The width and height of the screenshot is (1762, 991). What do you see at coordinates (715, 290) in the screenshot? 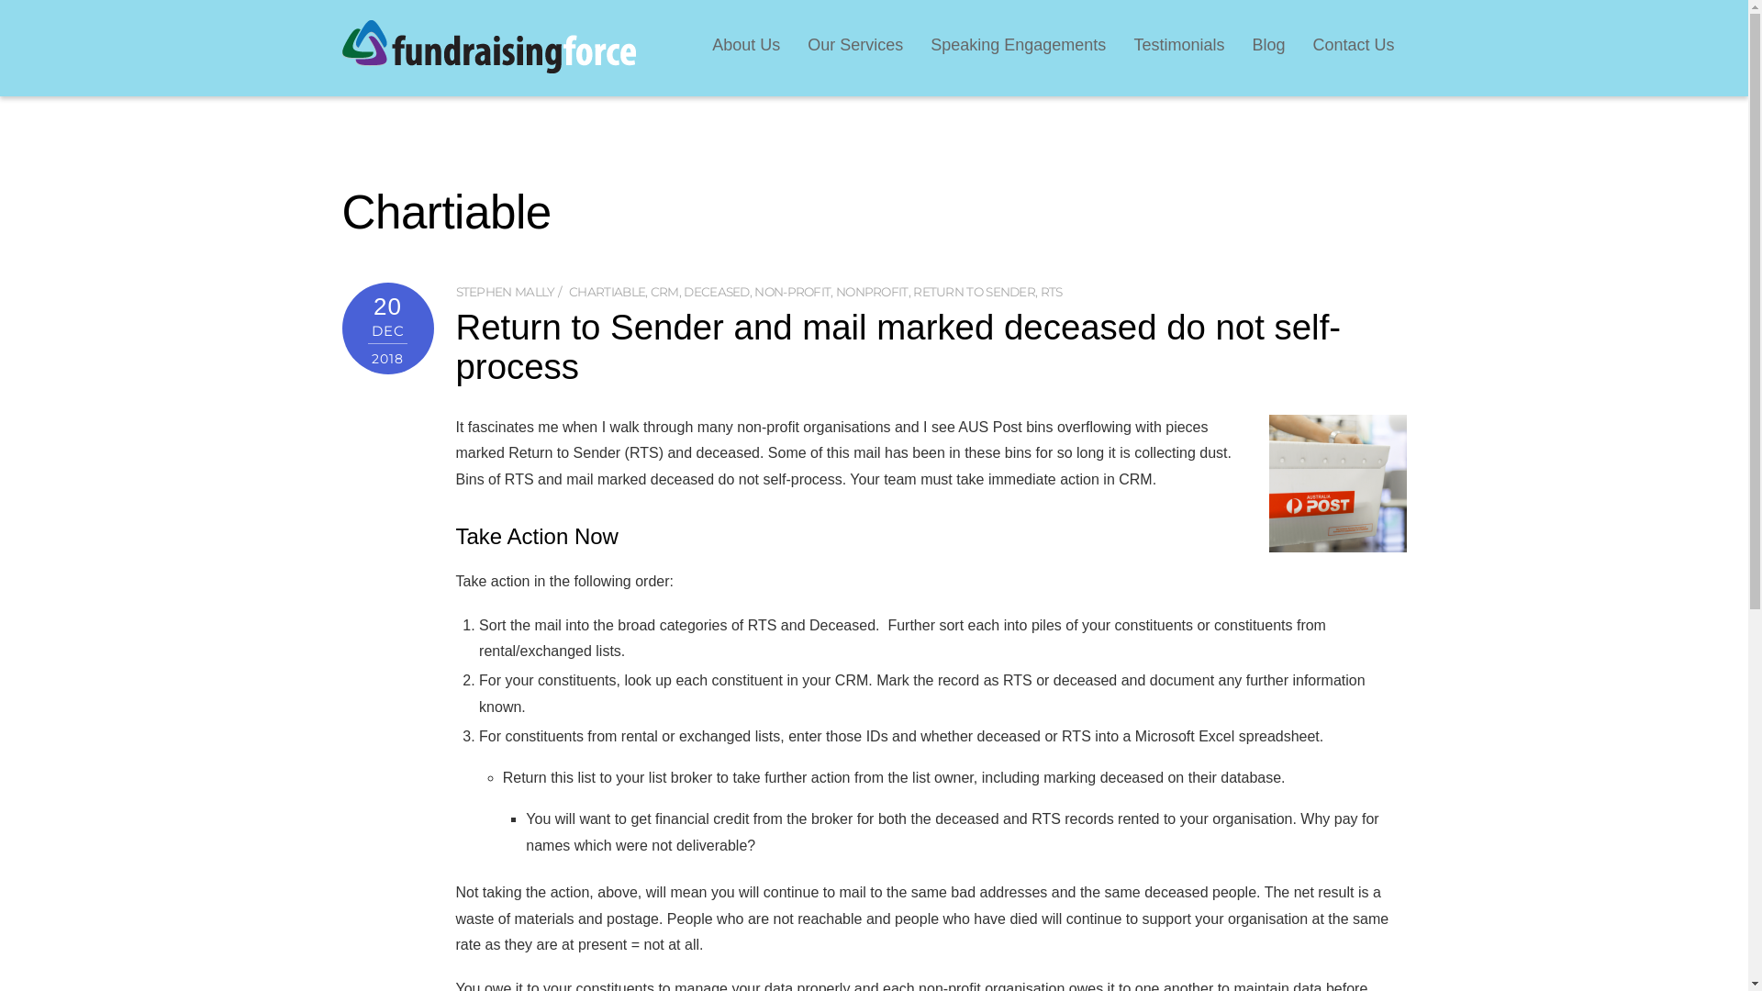
I see `'DECEASED'` at bounding box center [715, 290].